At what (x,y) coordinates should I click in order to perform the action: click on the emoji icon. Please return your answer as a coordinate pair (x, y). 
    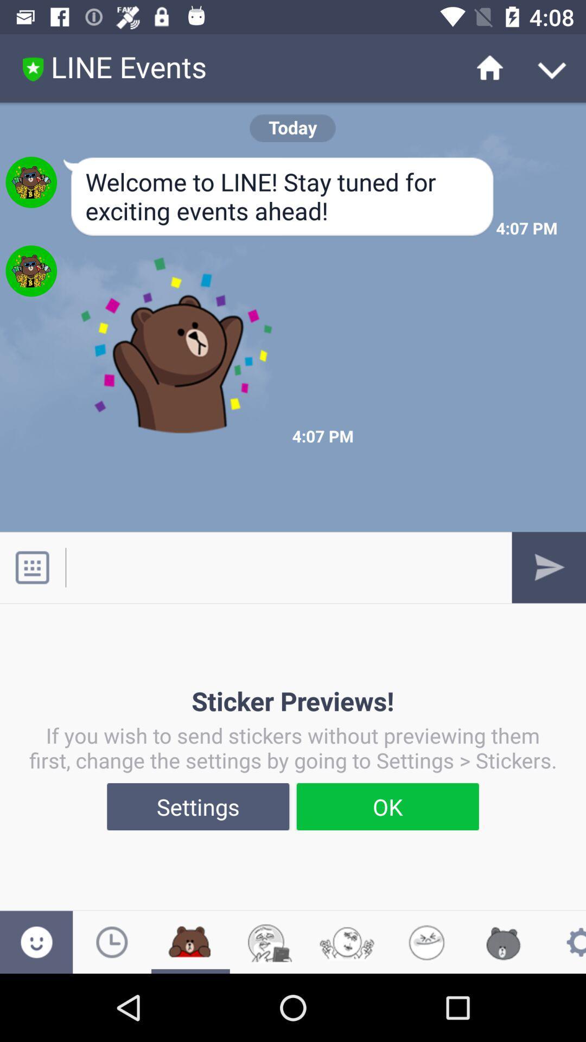
    Looking at the image, I should click on (347, 942).